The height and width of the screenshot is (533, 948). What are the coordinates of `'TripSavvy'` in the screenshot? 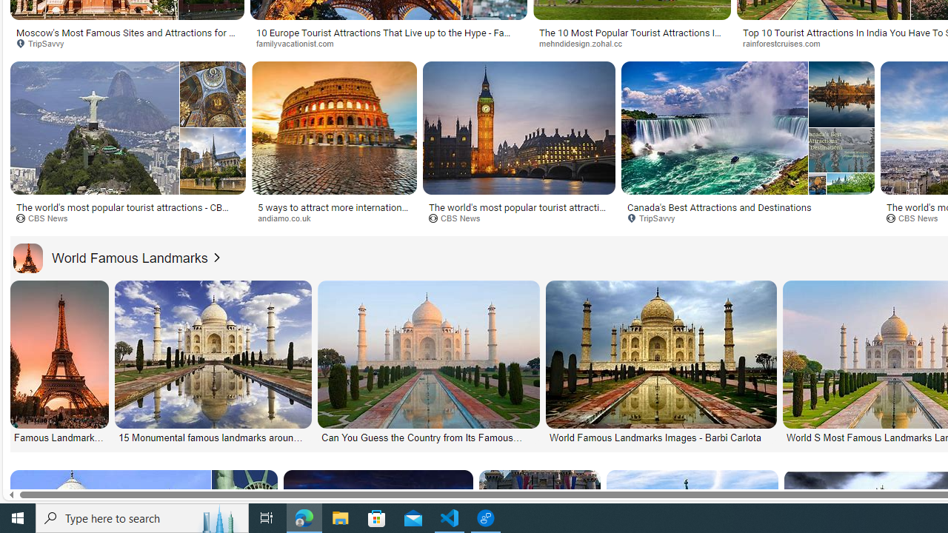 It's located at (655, 218).